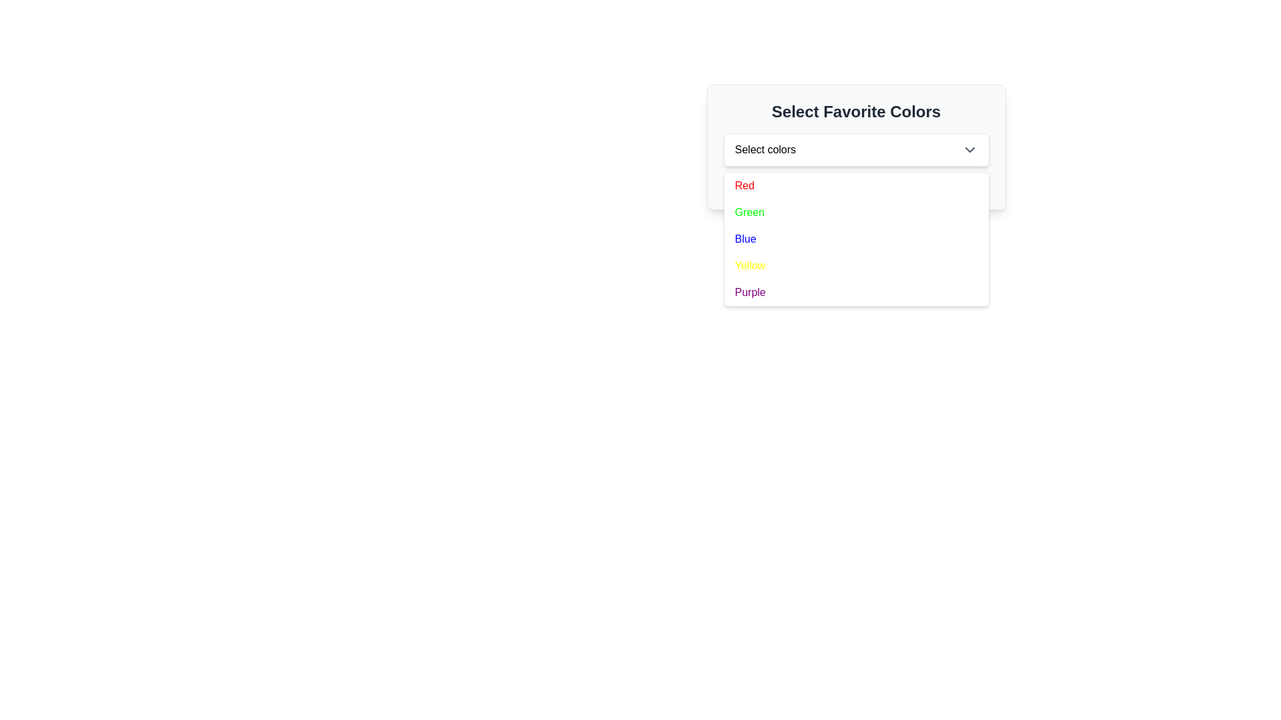 The width and height of the screenshot is (1281, 720). What do you see at coordinates (745, 238) in the screenshot?
I see `the third selectable option in the color preferences dropdown list, which represents the color 'Blue'` at bounding box center [745, 238].